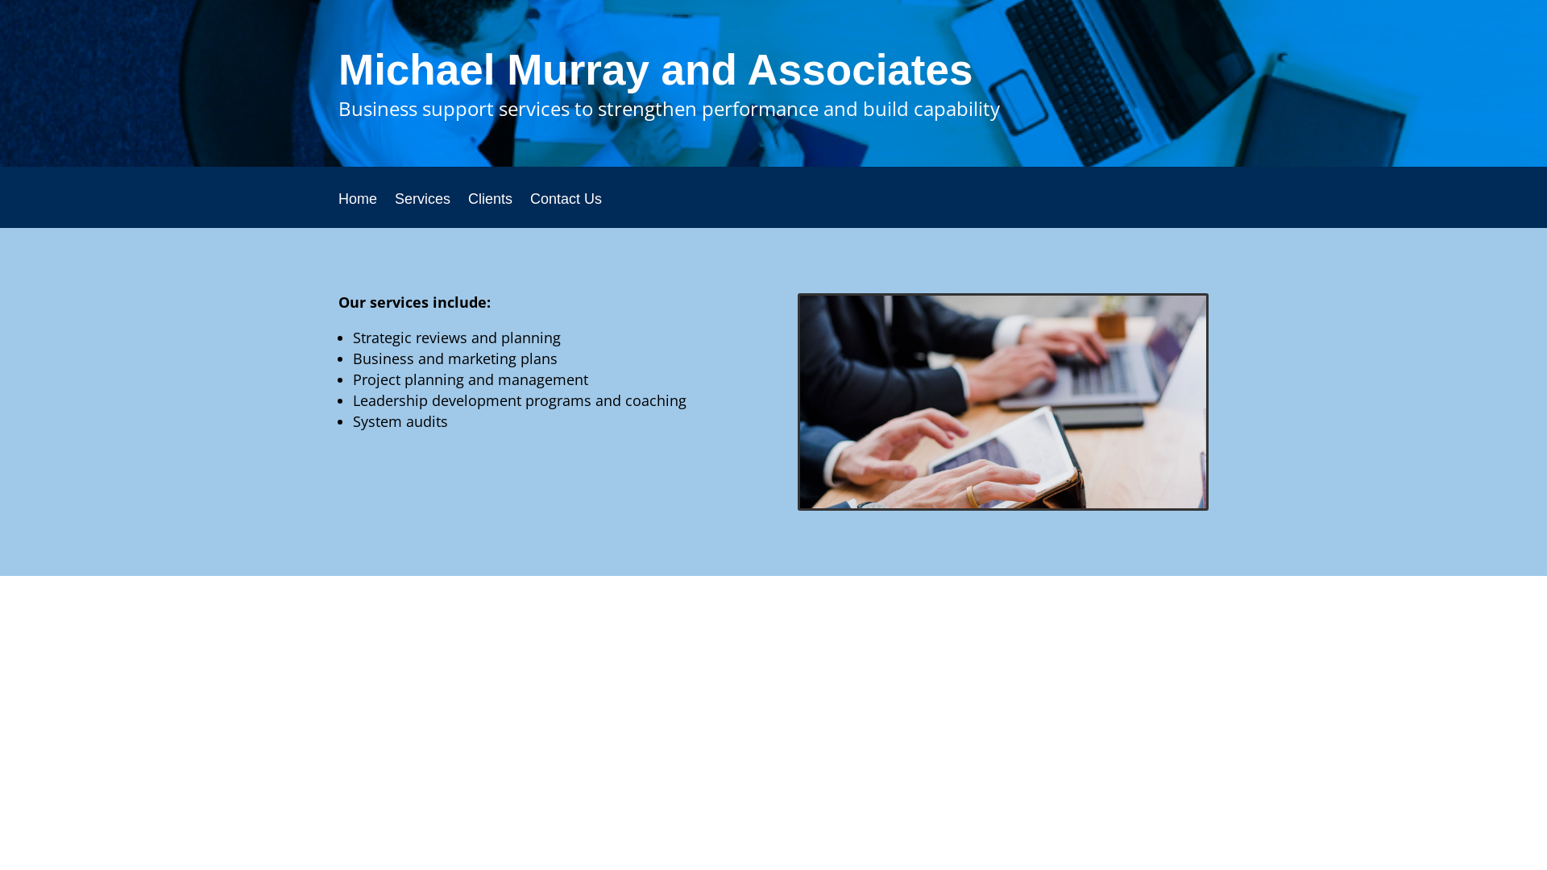 The height and width of the screenshot is (870, 1547). I want to click on 'Contact Us', so click(566, 209).